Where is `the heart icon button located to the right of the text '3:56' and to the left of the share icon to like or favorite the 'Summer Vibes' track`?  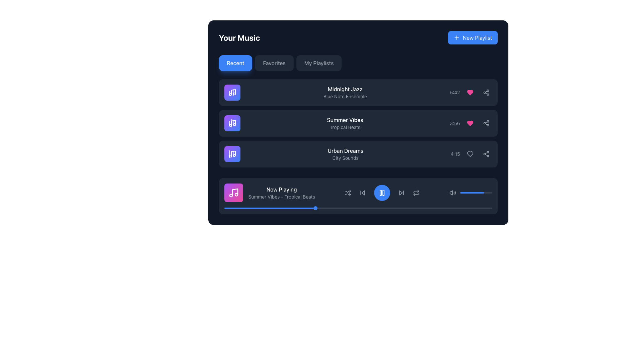
the heart icon button located to the right of the text '3:56' and to the left of the share icon to like or favorite the 'Summer Vibes' track is located at coordinates (471, 123).